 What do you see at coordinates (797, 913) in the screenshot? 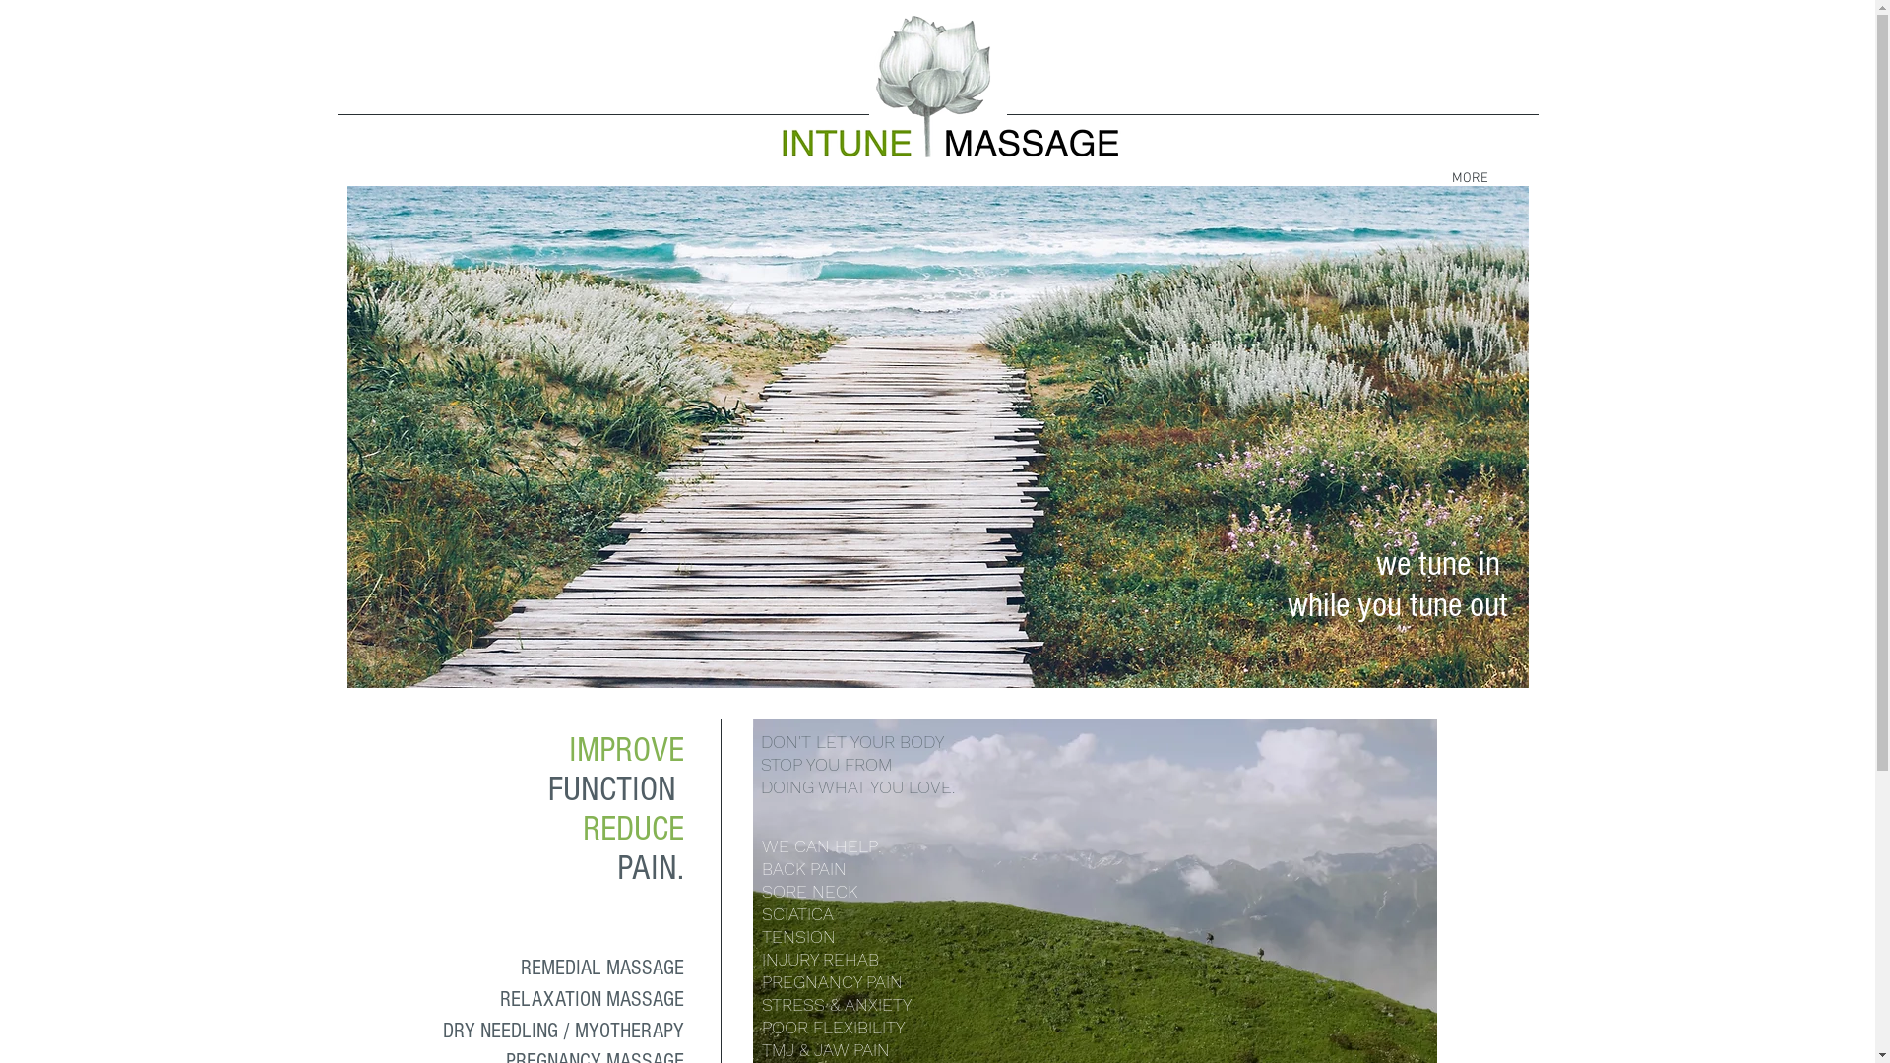
I see `'SCIATICA'` at bounding box center [797, 913].